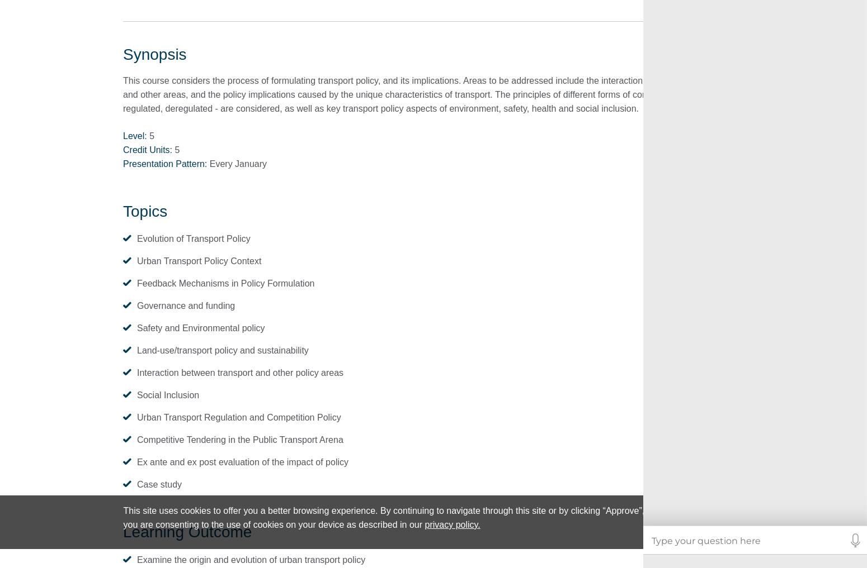  I want to click on 'This site uses cookies to offer you a better browsing experience. By continuing to navigate through this site or by clicking “Approve”, you are consenting to the use of cookies on your device as described in our', so click(383, 517).